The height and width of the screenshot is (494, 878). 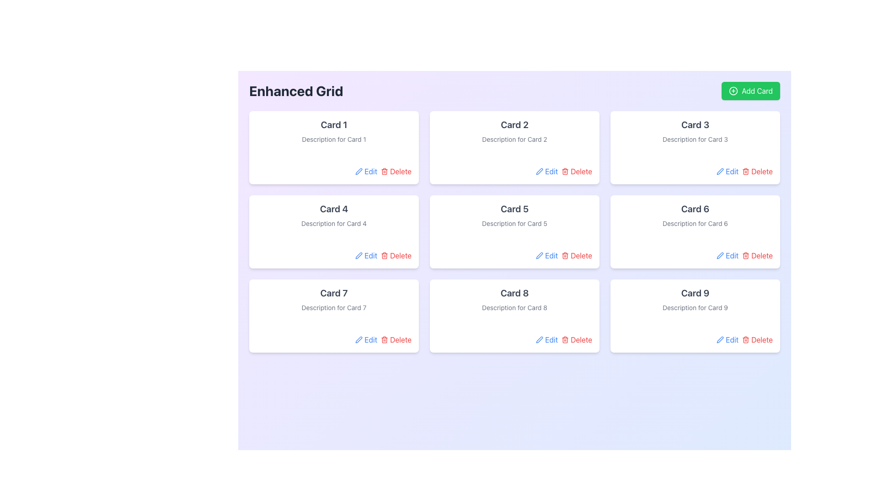 What do you see at coordinates (385, 256) in the screenshot?
I see `the red trash bin icon associated with the delete functionality located in the lower-right corner of 'Card 4'` at bounding box center [385, 256].